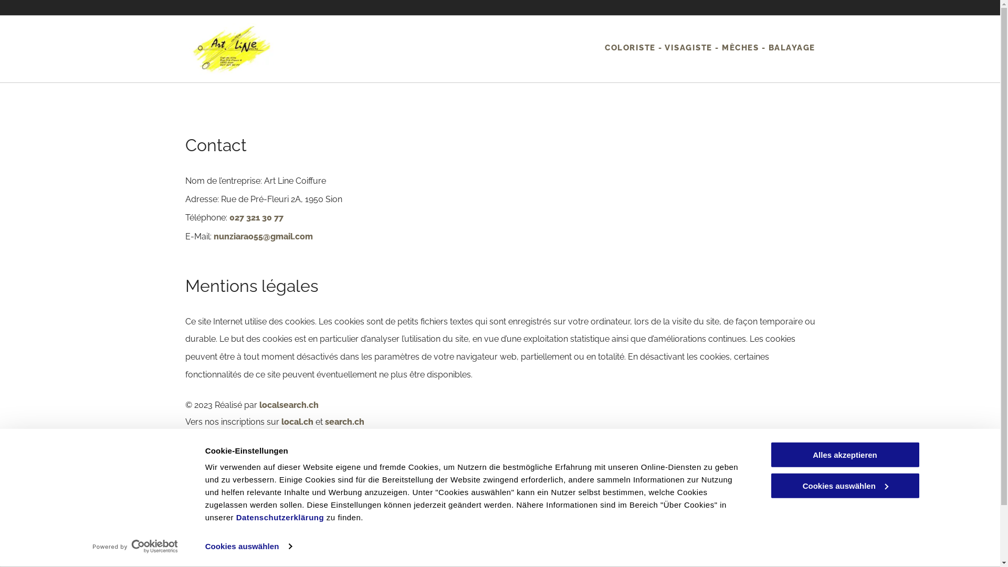  Describe the element at coordinates (297, 421) in the screenshot. I see `'local.ch'` at that location.